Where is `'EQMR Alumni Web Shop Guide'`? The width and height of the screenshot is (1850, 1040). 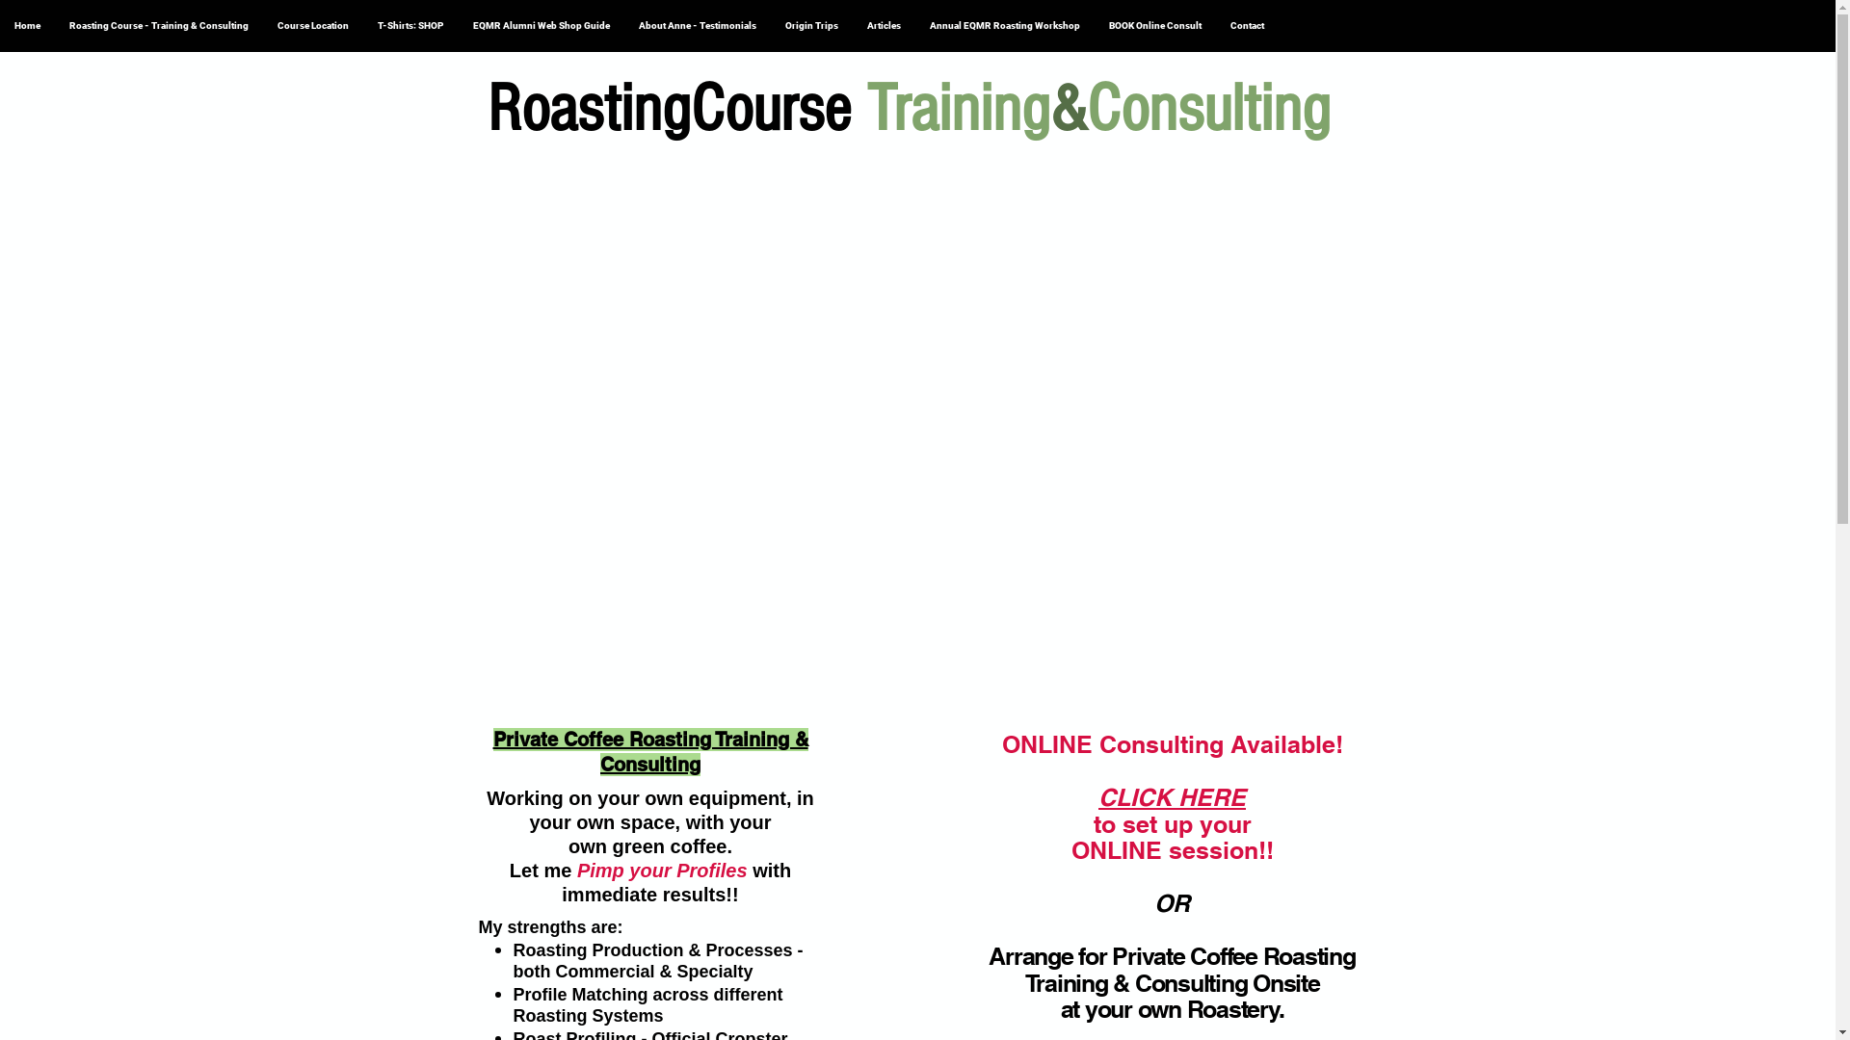 'EQMR Alumni Web Shop Guide' is located at coordinates (540, 26).